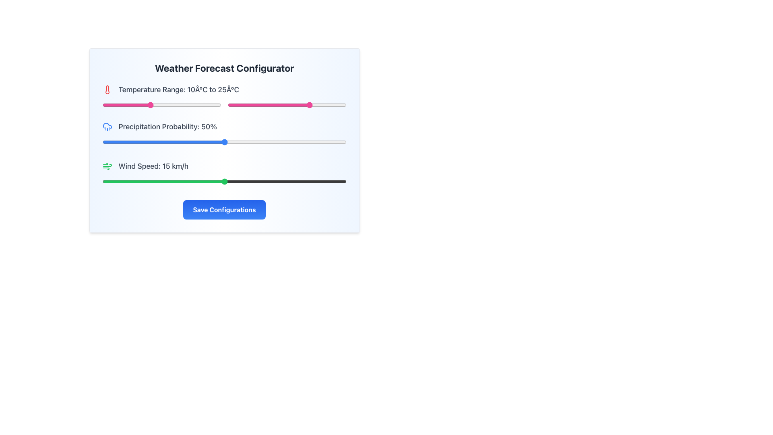  What do you see at coordinates (195, 142) in the screenshot?
I see `the precipitation probability` at bounding box center [195, 142].